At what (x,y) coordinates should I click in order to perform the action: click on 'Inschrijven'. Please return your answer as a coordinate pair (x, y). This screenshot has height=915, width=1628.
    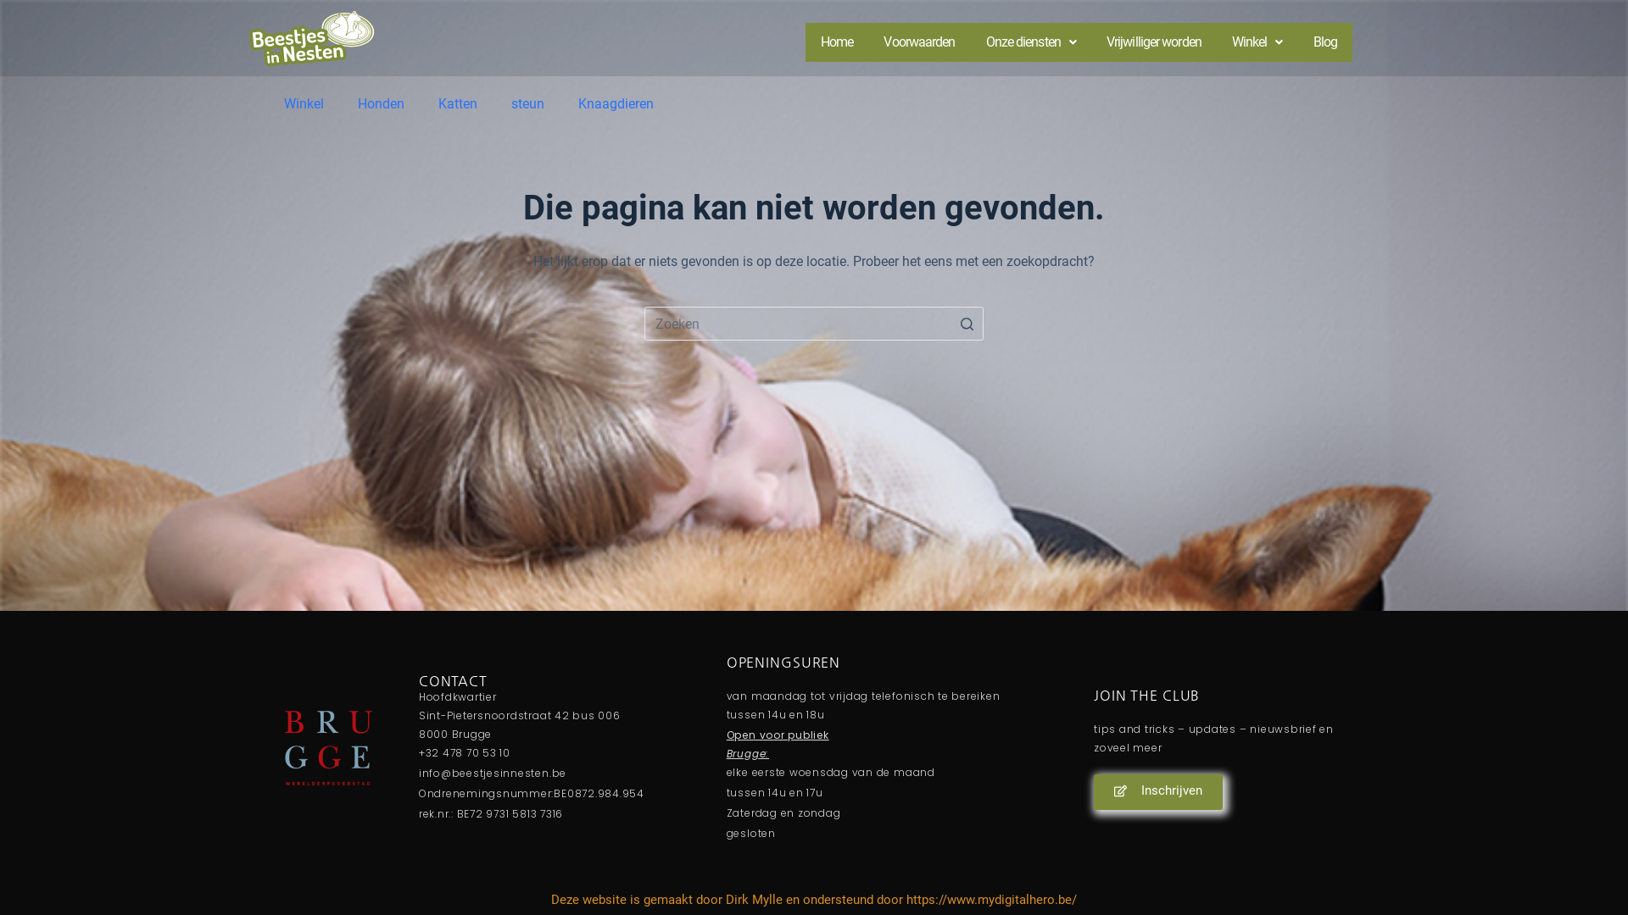
    Looking at the image, I should click on (1157, 791).